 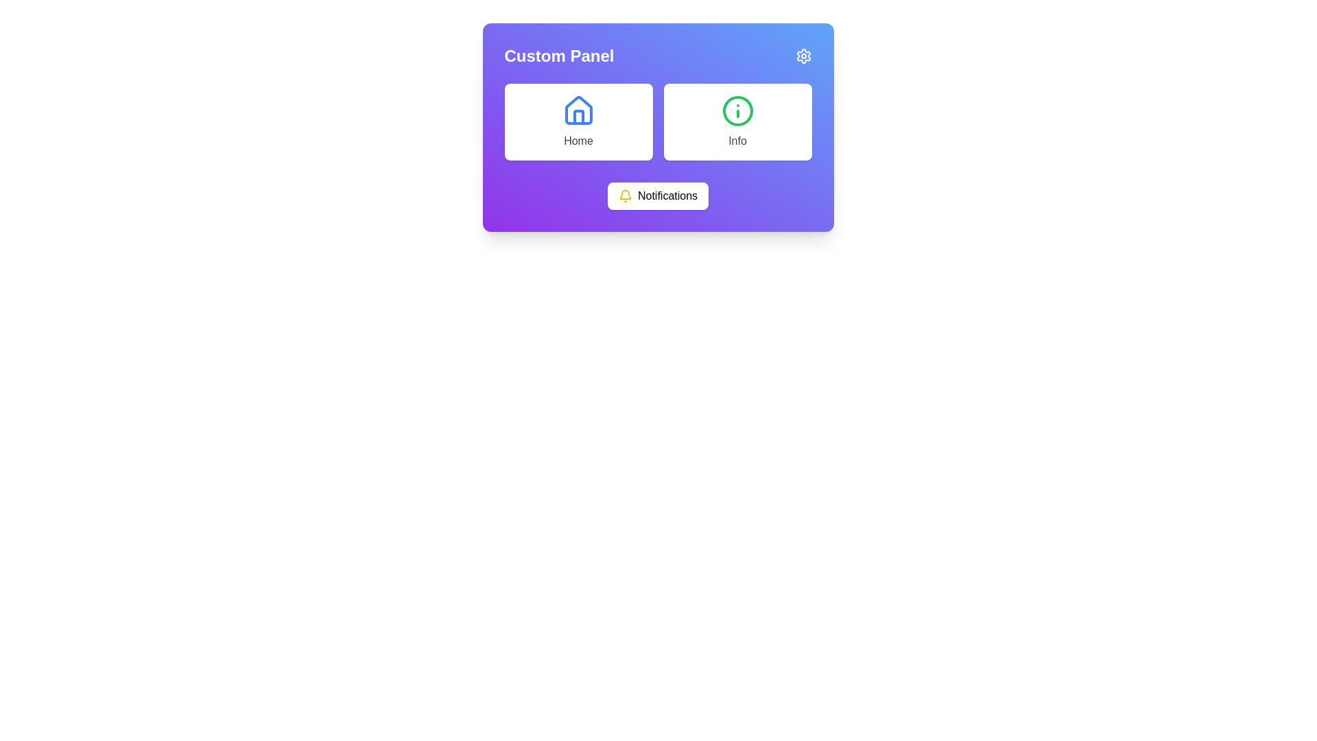 What do you see at coordinates (578, 116) in the screenshot?
I see `the blue vertical structure of the house icon located above the 'Home' label in the top-left section of the panel` at bounding box center [578, 116].